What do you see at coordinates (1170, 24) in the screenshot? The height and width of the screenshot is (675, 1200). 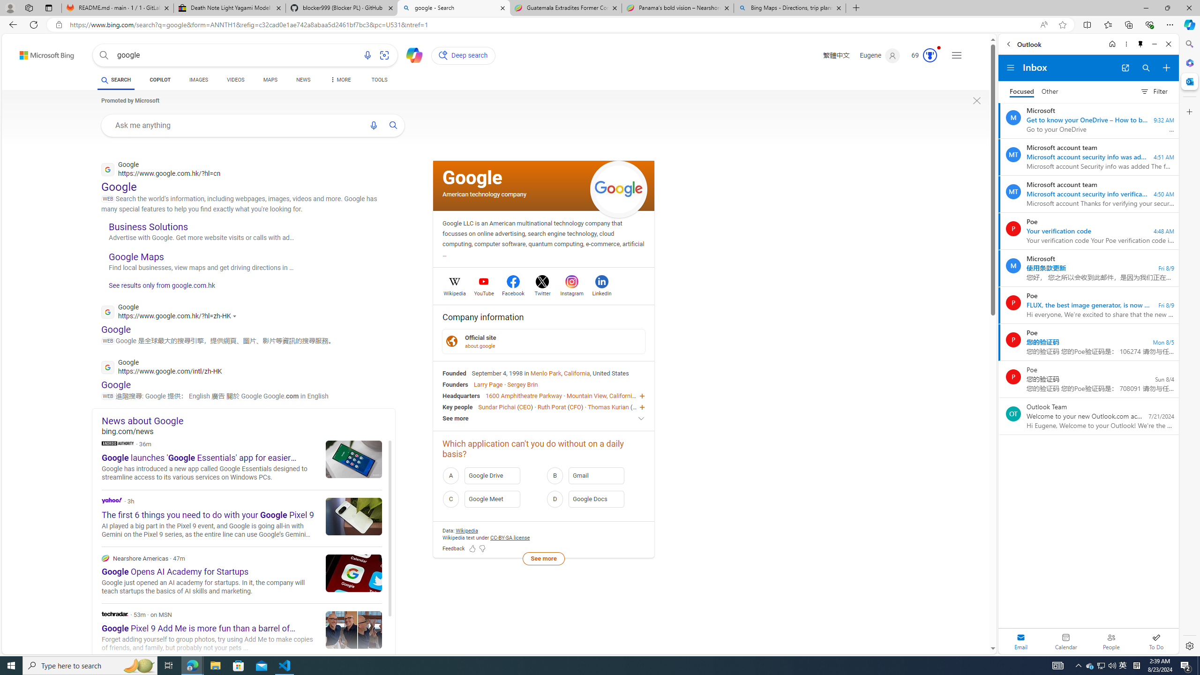 I see `'Settings and more (Alt+F)'` at bounding box center [1170, 24].